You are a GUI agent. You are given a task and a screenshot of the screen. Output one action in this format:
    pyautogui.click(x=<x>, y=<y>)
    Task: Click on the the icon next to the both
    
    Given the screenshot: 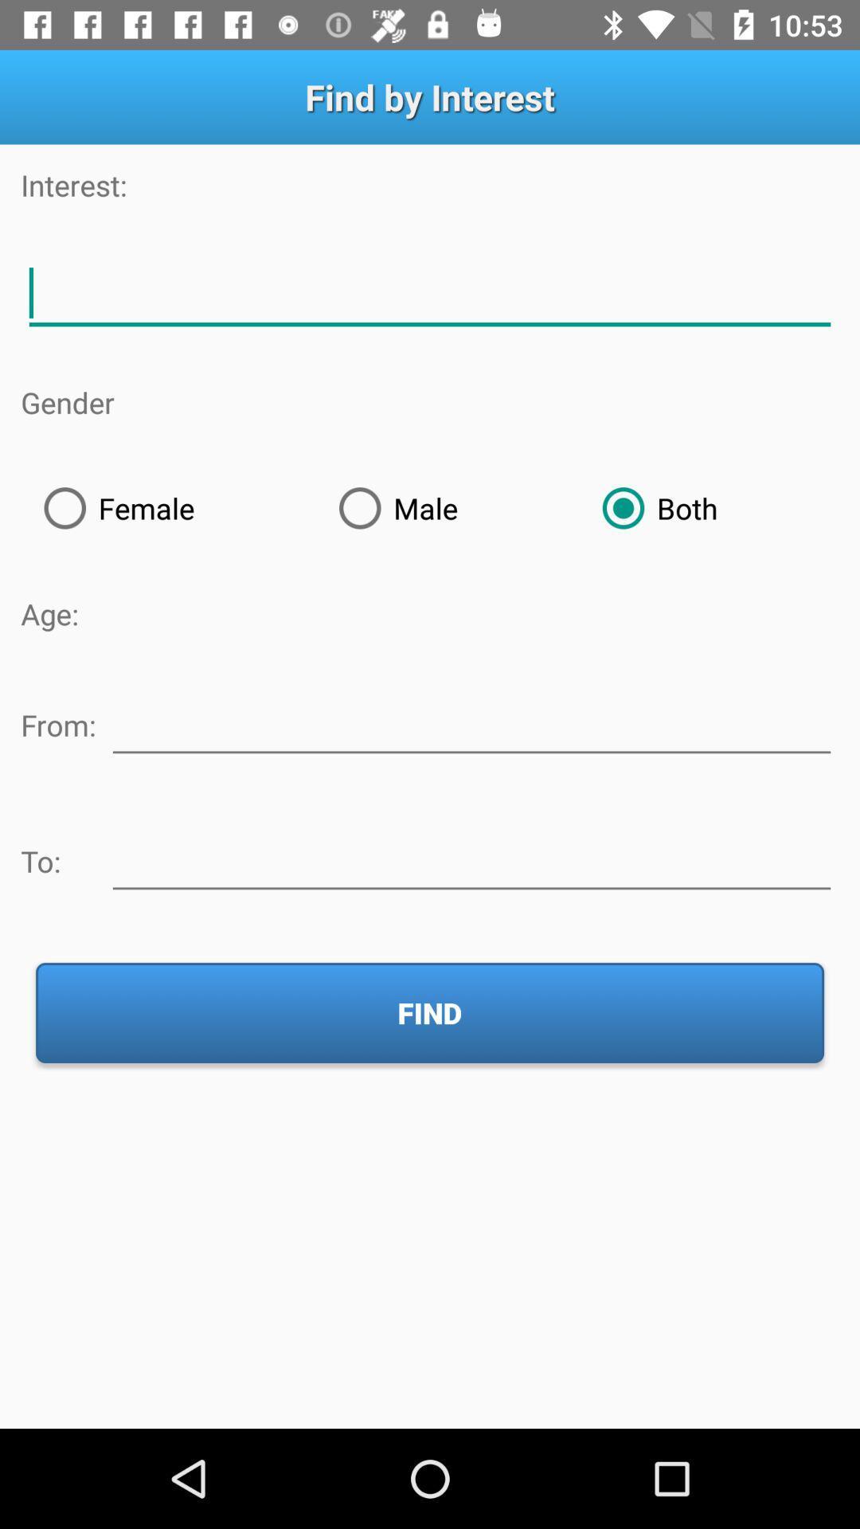 What is the action you would take?
    pyautogui.click(x=448, y=507)
    